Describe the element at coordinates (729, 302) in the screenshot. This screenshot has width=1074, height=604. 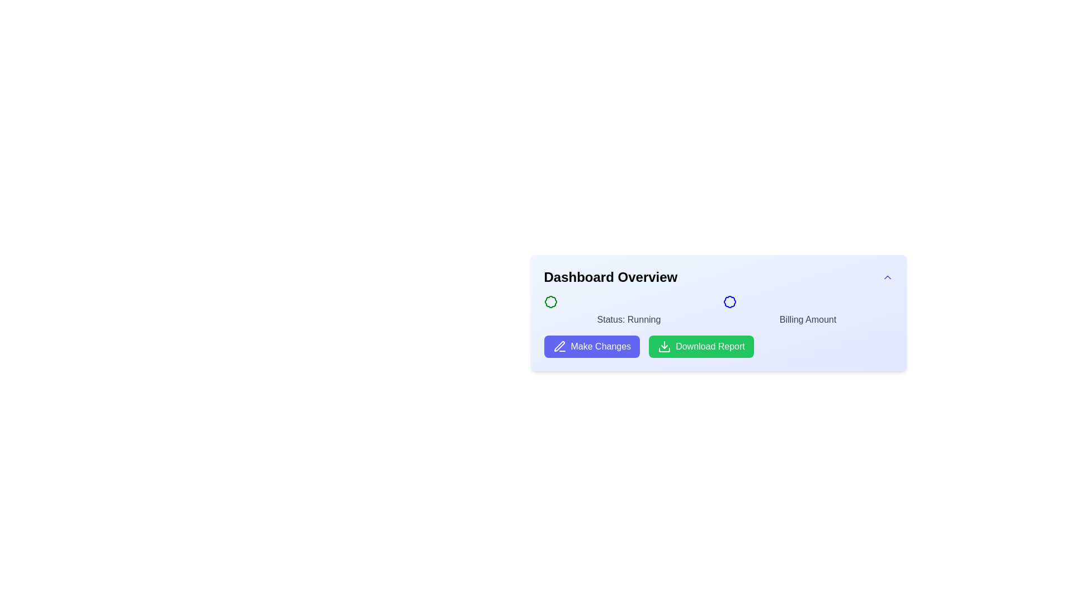
I see `the billing icon, which is part of the 'Billing Amount' section, located to the left of the 'Billing Amount' text` at that location.